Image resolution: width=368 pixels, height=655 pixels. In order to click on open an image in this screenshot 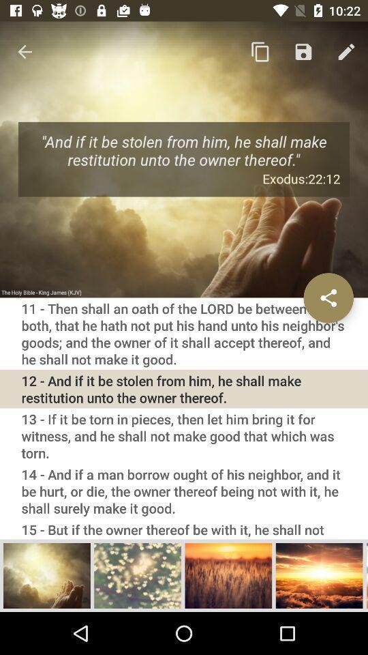, I will do `click(138, 574)`.